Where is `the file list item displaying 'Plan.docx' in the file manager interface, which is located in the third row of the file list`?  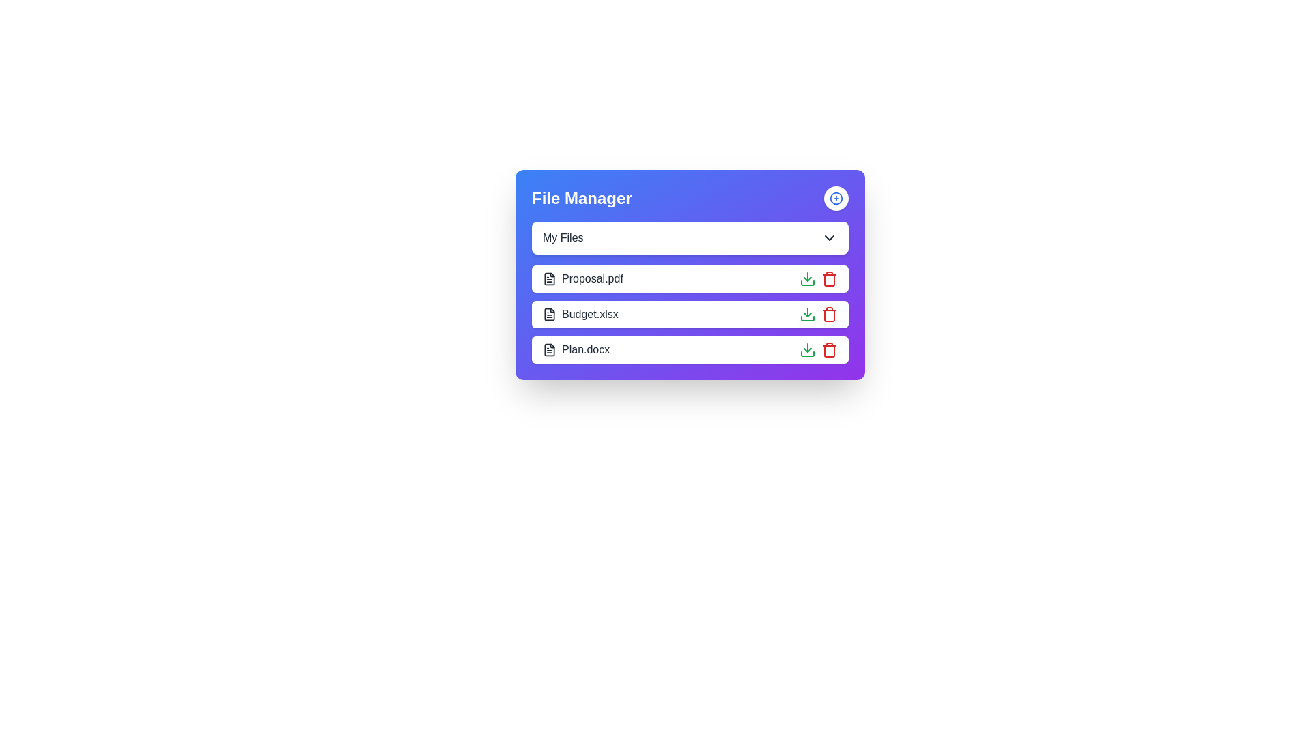 the file list item displaying 'Plan.docx' in the file manager interface, which is located in the third row of the file list is located at coordinates (690, 349).